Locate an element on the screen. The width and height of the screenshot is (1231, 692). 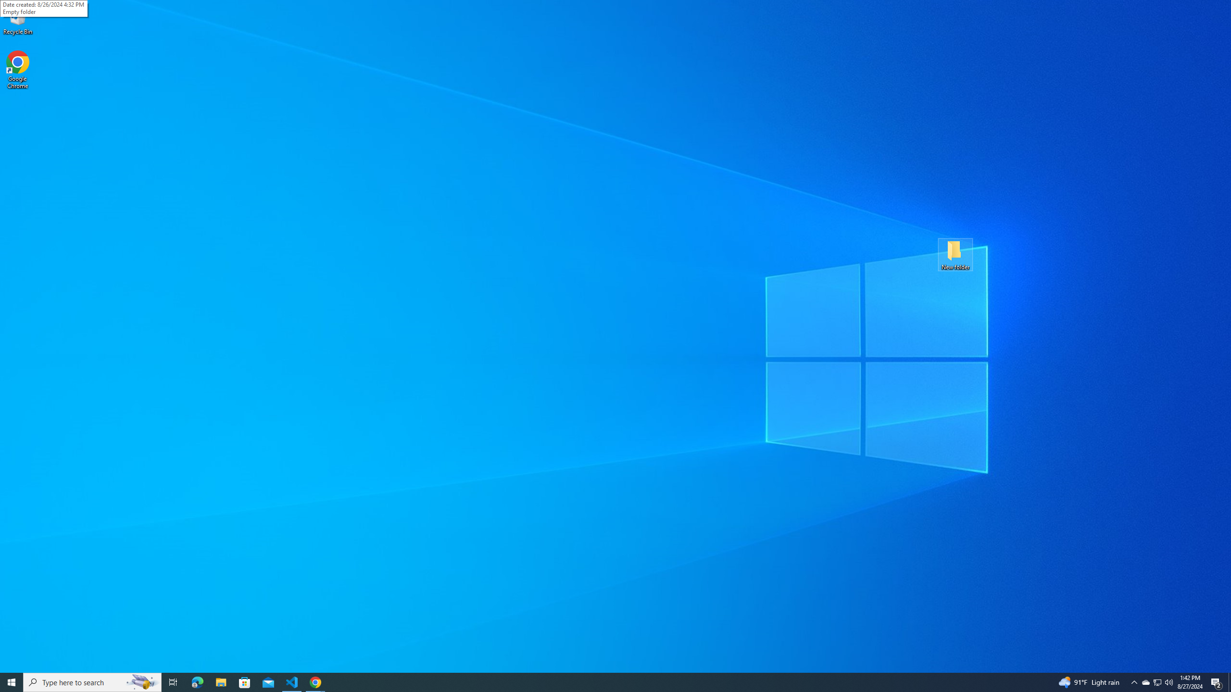
'Recycle Bin' is located at coordinates (17, 18).